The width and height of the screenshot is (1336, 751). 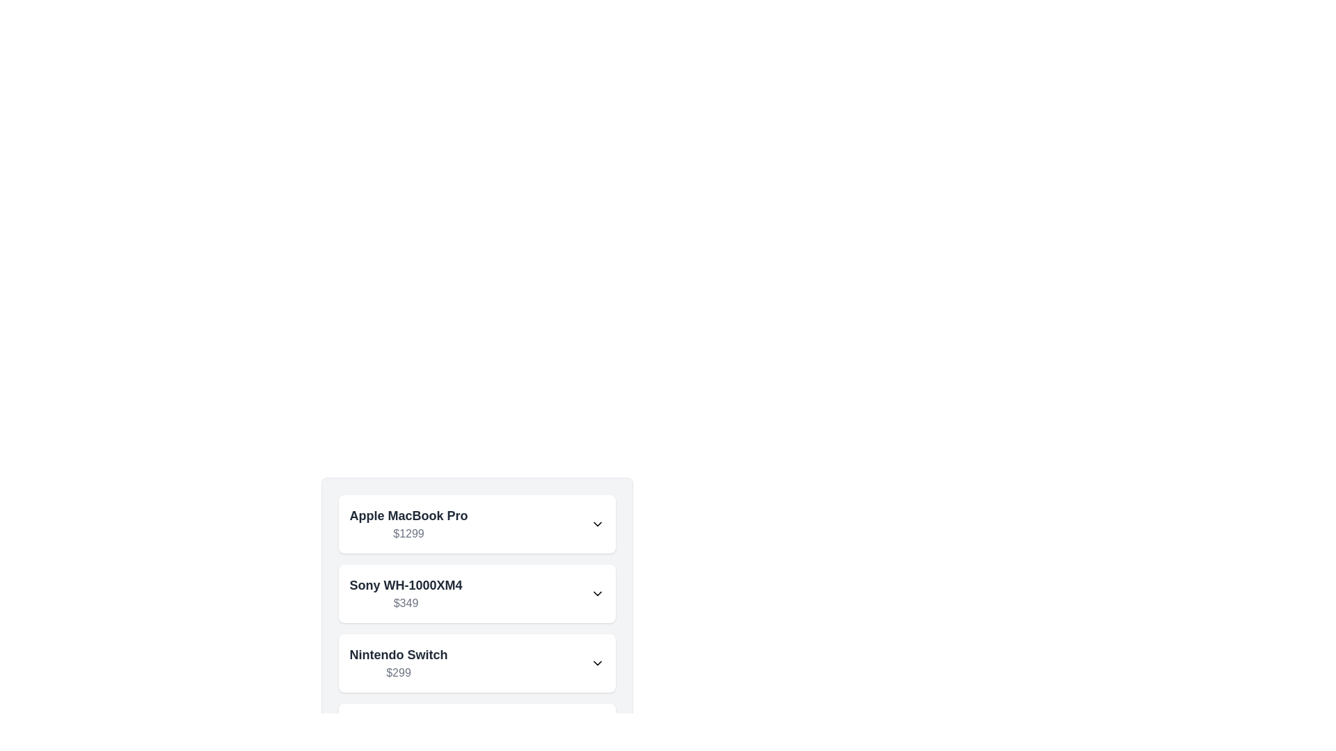 I want to click on the text display element showing the price '$1299' in grey font, located beneath 'Apple MacBook Pro', so click(x=408, y=533).